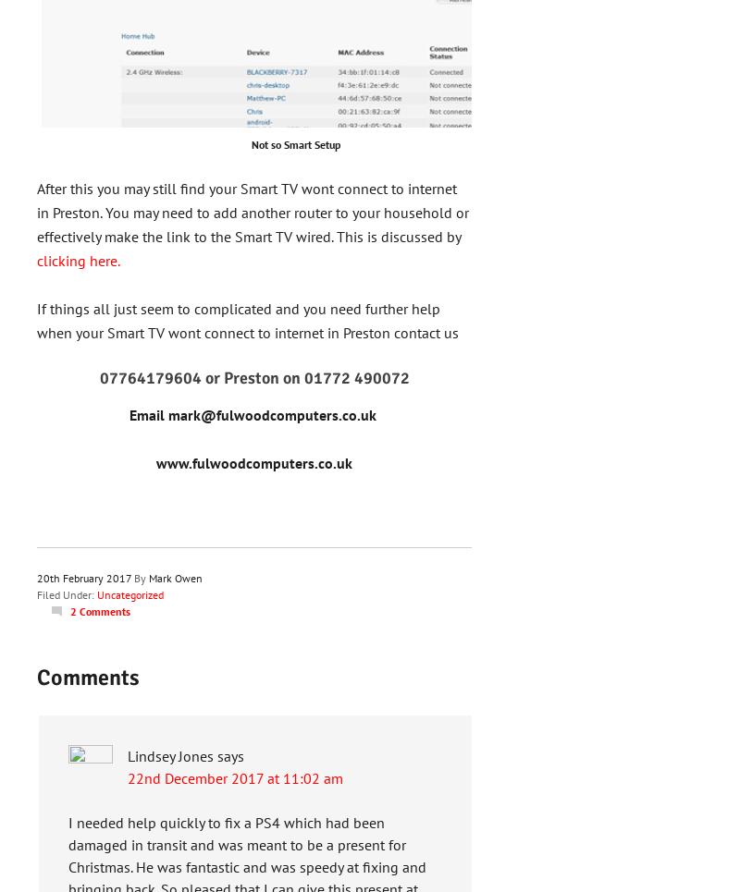 The height and width of the screenshot is (892, 740). Describe the element at coordinates (254, 463) in the screenshot. I see `'www.fulwoodcomputers.co.uk'` at that location.